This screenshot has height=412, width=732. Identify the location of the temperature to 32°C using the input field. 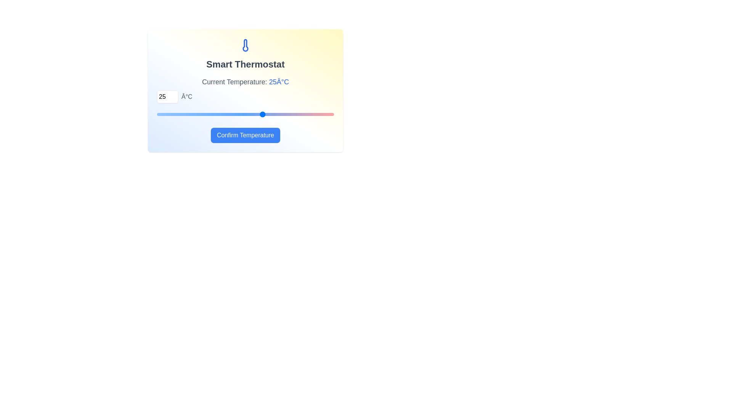
(167, 97).